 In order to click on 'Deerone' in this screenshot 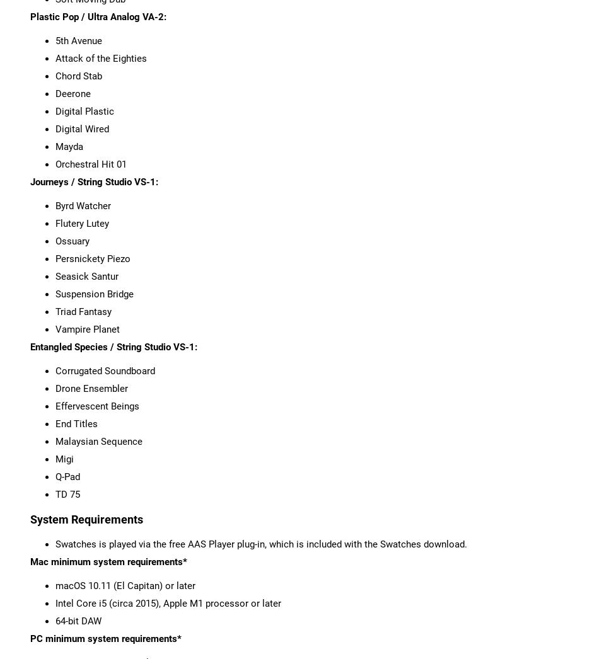, I will do `click(73, 93)`.